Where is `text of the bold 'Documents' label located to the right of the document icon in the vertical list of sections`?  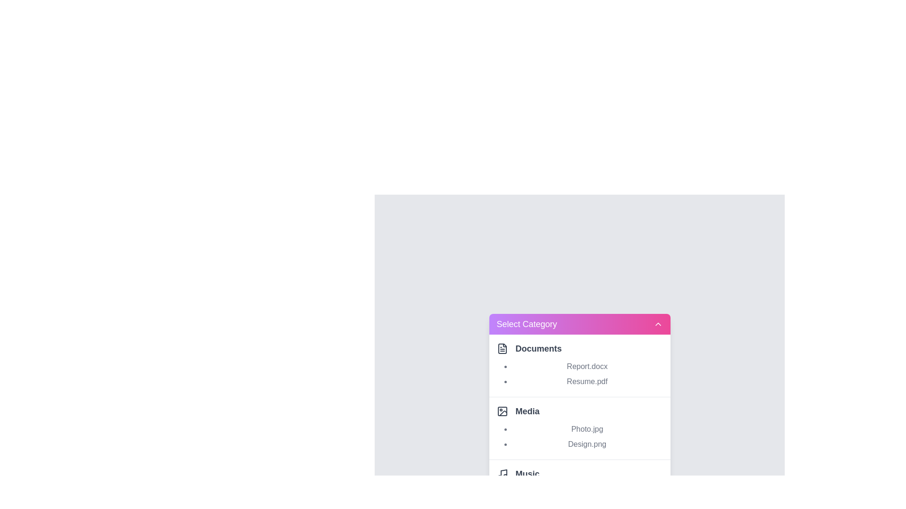
text of the bold 'Documents' label located to the right of the document icon in the vertical list of sections is located at coordinates (538, 348).